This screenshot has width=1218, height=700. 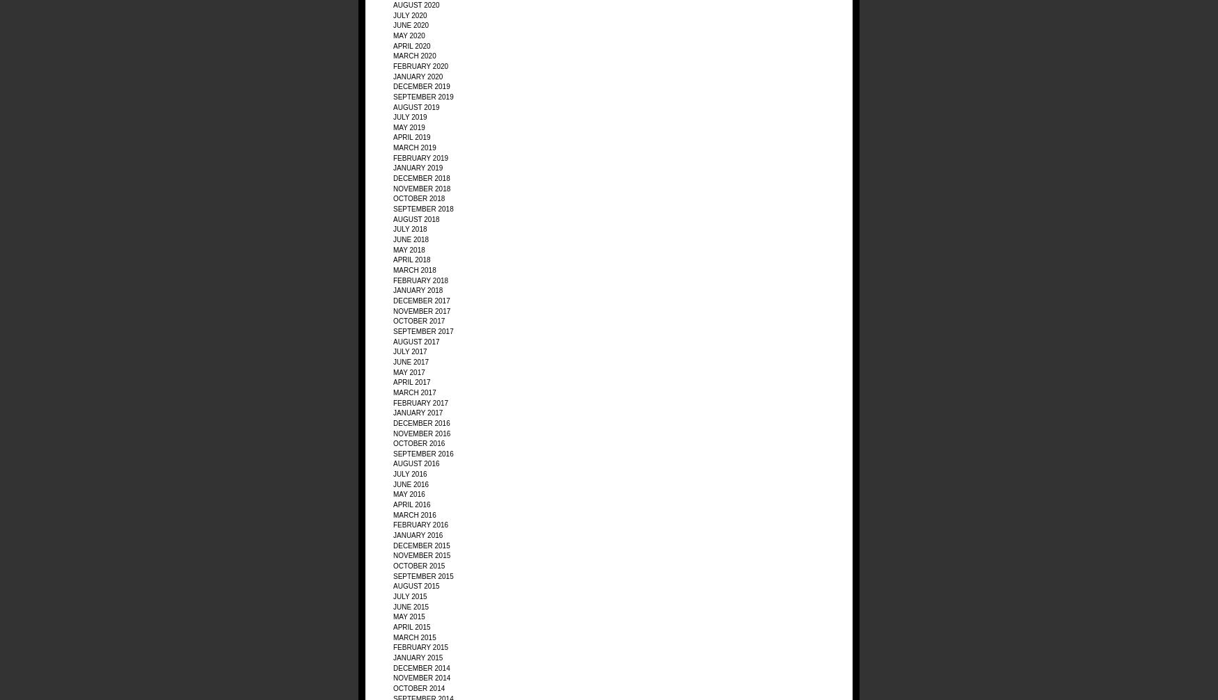 What do you see at coordinates (393, 218) in the screenshot?
I see `'August 2018'` at bounding box center [393, 218].